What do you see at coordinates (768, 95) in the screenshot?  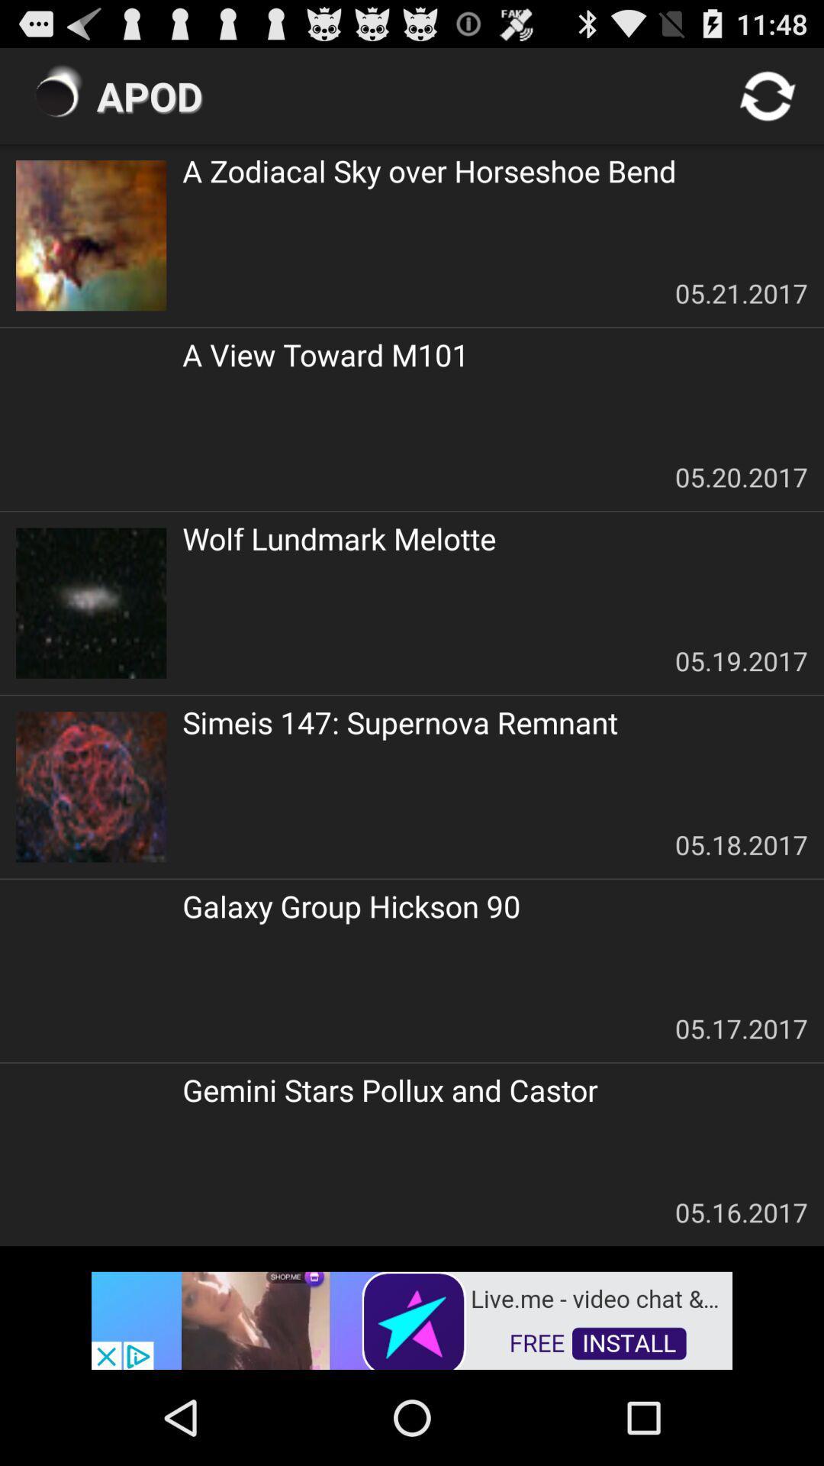 I see `reload` at bounding box center [768, 95].